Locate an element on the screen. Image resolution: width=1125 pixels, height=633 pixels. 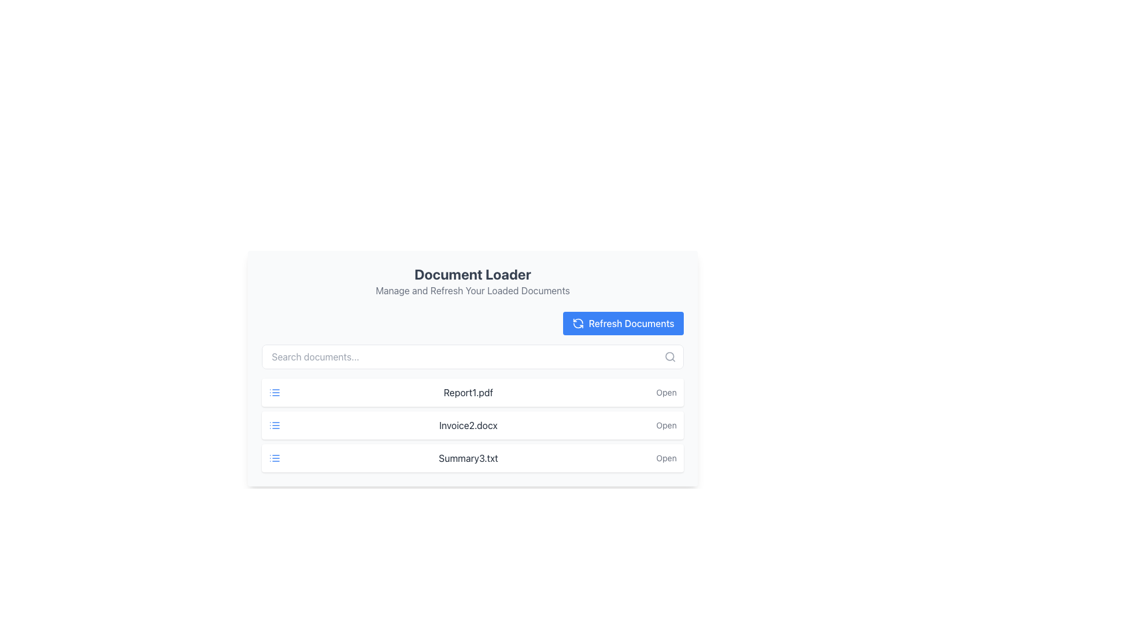
the search icon located at the far right of the search bar section, which serves as a visual indicator for search functionality is located at coordinates (670, 356).